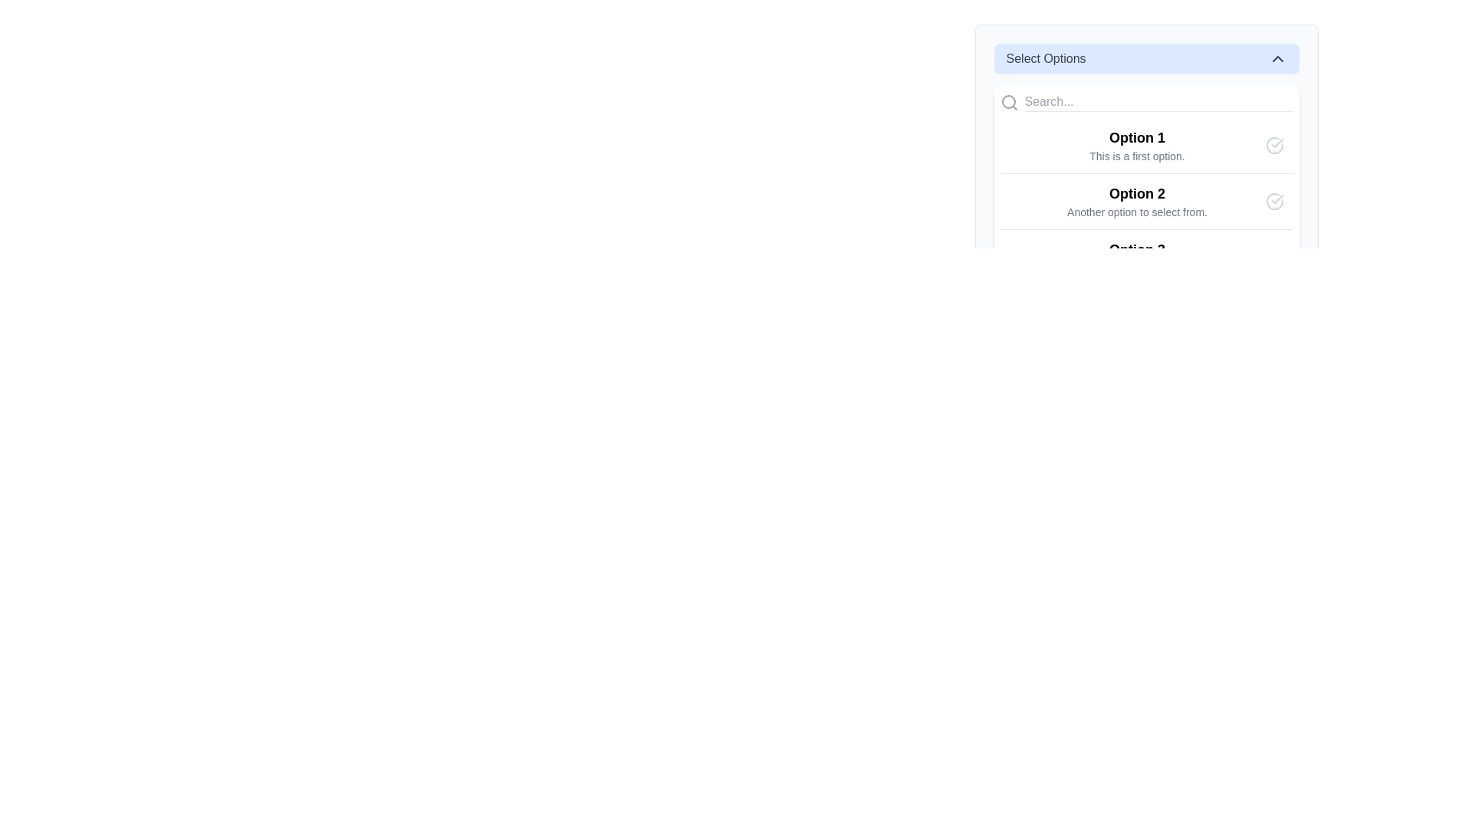  I want to click on text of the Text Label that serves as a heading for a selectable option within the dropdown or list interface, located between 'Option 2' and 'A third possible choice.', so click(1137, 249).